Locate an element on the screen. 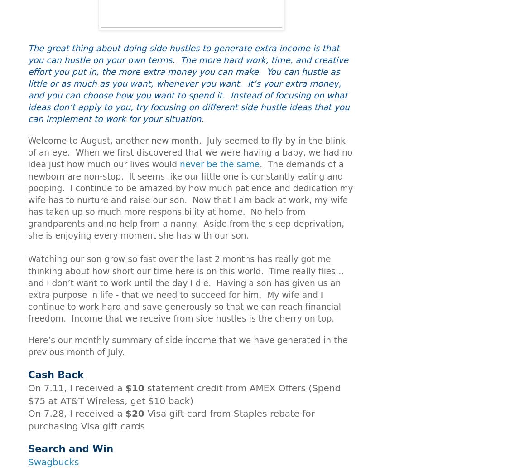  'Visa gift card from Staples rebate
for purchasing Visa gift cards' is located at coordinates (28, 419).